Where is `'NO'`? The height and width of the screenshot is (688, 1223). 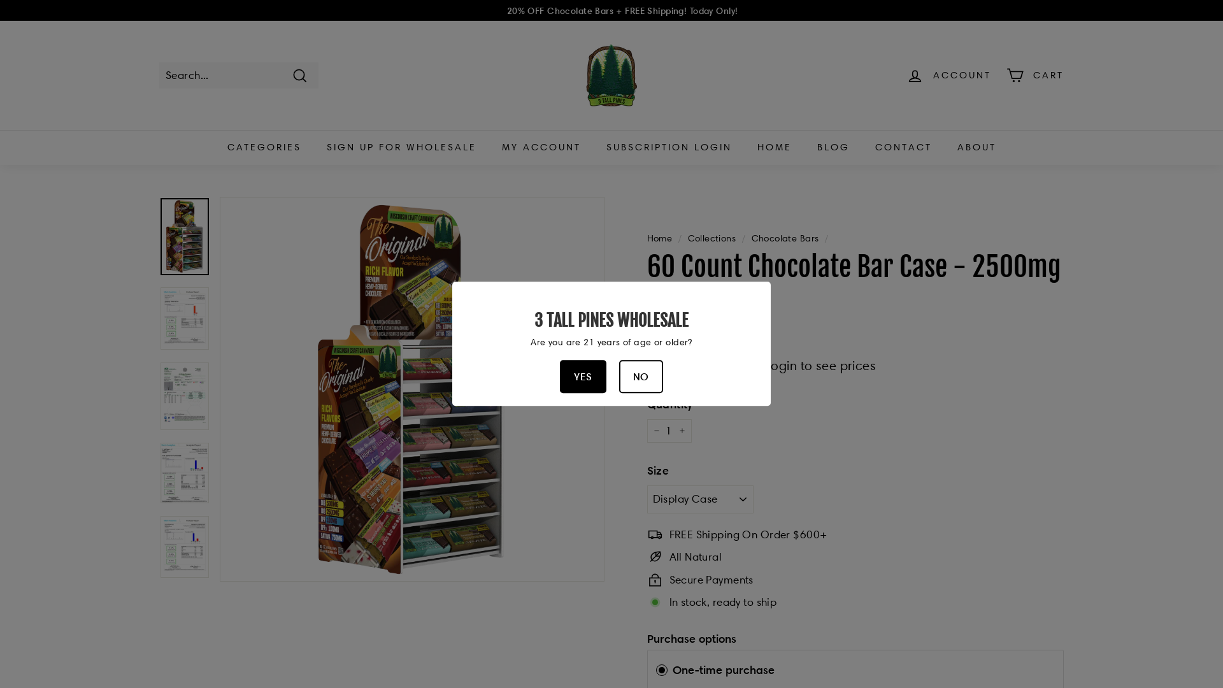 'NO' is located at coordinates (641, 376).